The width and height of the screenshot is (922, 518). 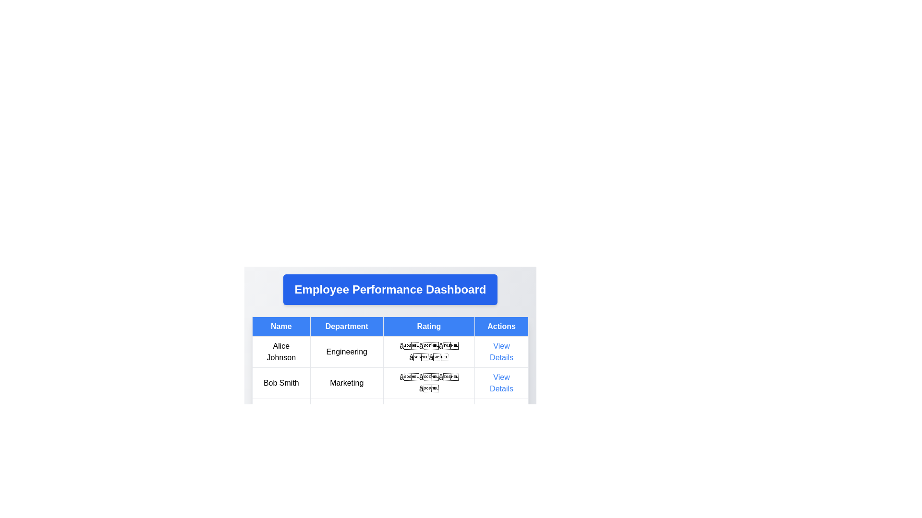 What do you see at coordinates (390, 382) in the screenshot?
I see `the second row in the table that contains the name 'Bob Smith', the department 'Marketing', and a rating display with four stars` at bounding box center [390, 382].